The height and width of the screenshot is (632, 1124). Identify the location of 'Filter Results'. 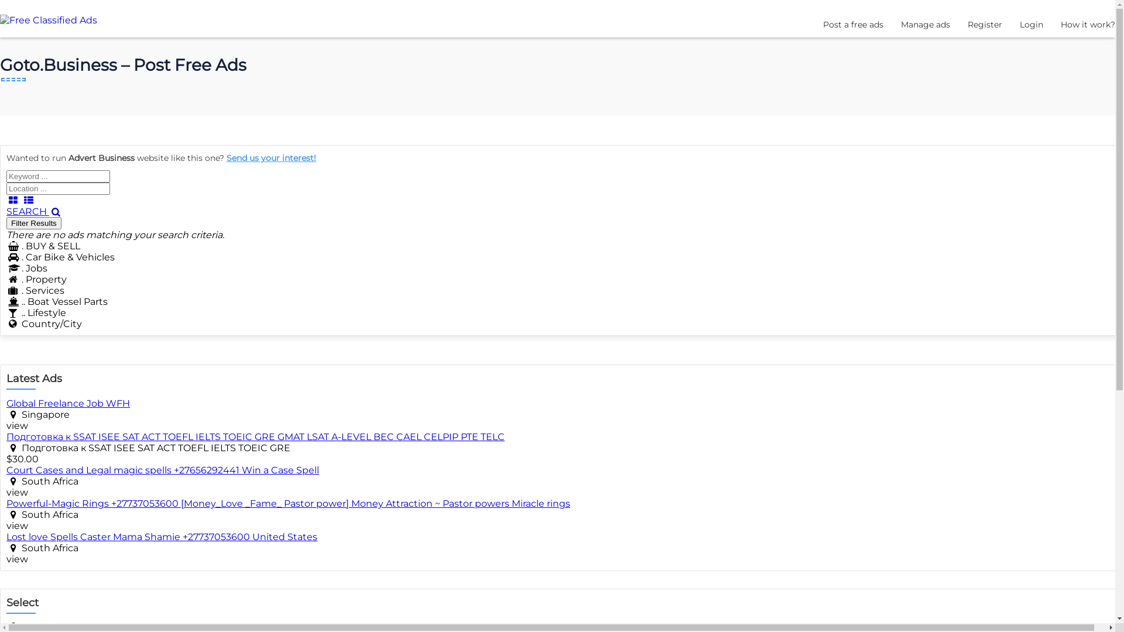
(6, 223).